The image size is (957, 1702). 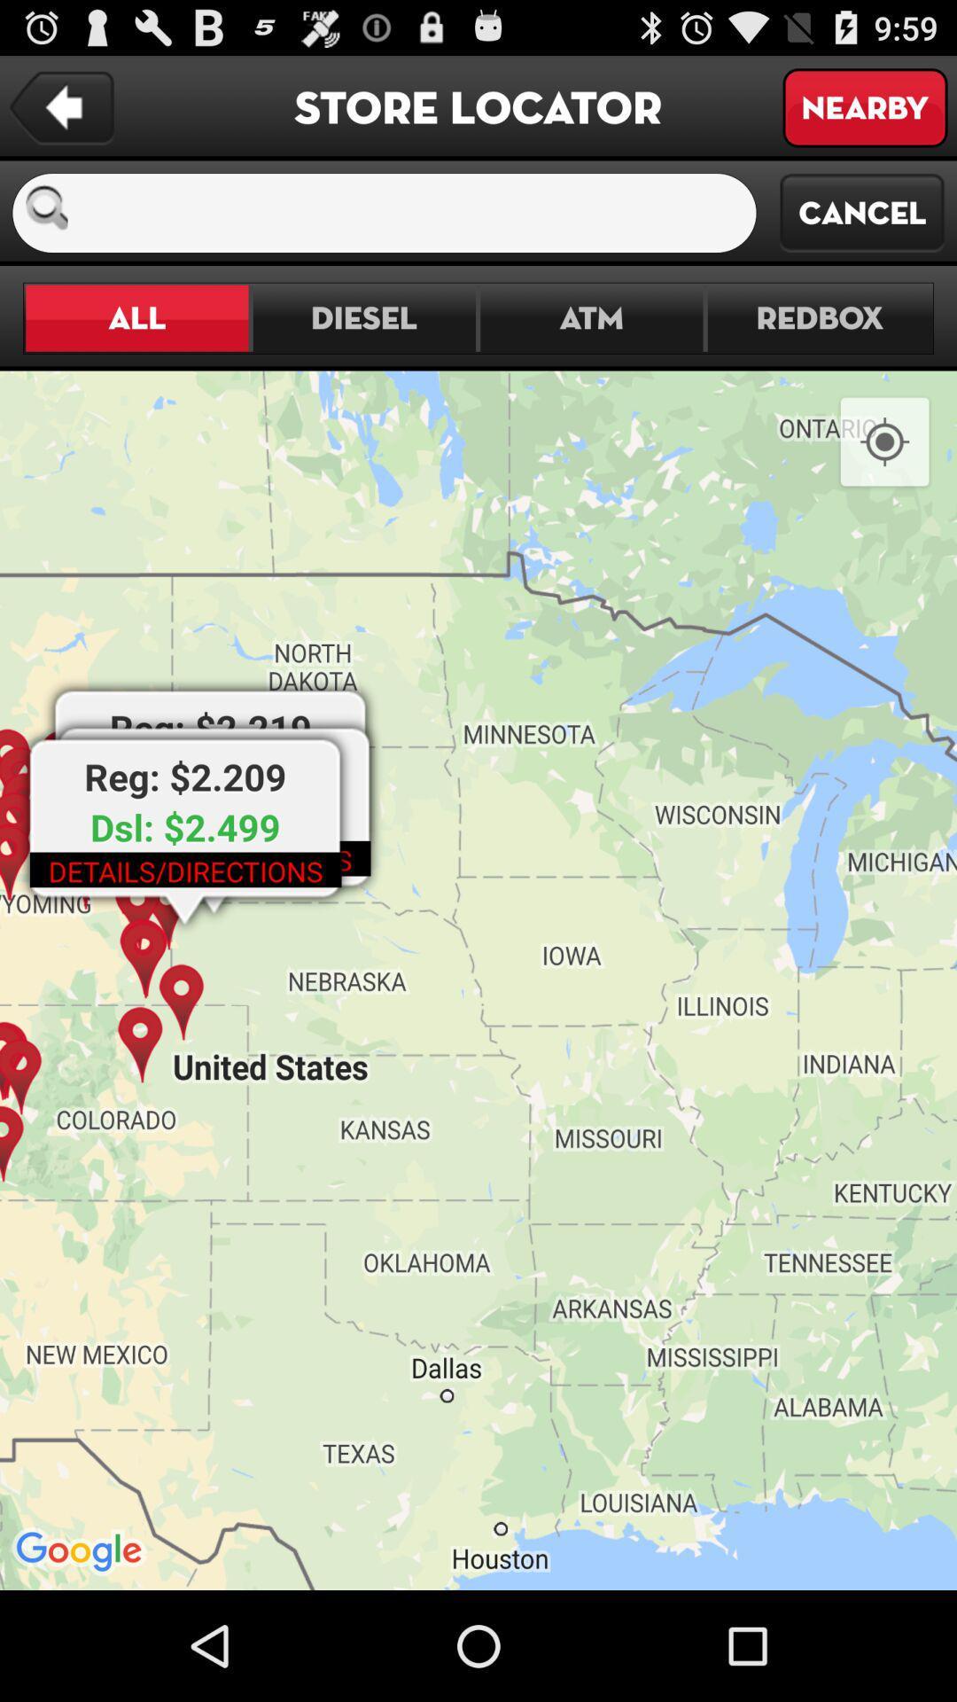 I want to click on the item next to the store locator item, so click(x=864, y=106).